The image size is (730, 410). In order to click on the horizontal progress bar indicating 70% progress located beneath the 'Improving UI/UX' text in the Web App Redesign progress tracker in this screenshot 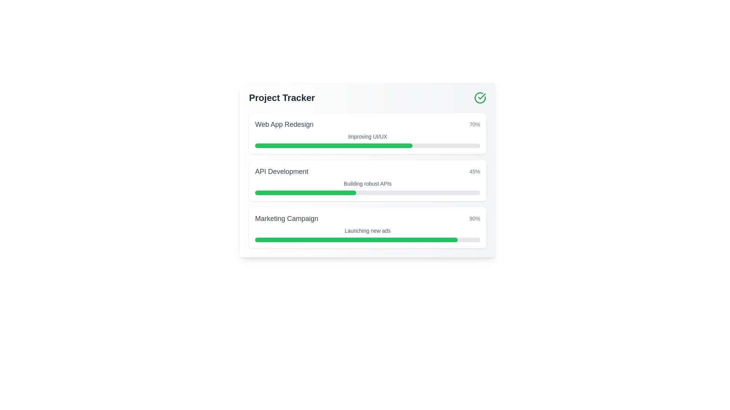, I will do `click(367, 146)`.